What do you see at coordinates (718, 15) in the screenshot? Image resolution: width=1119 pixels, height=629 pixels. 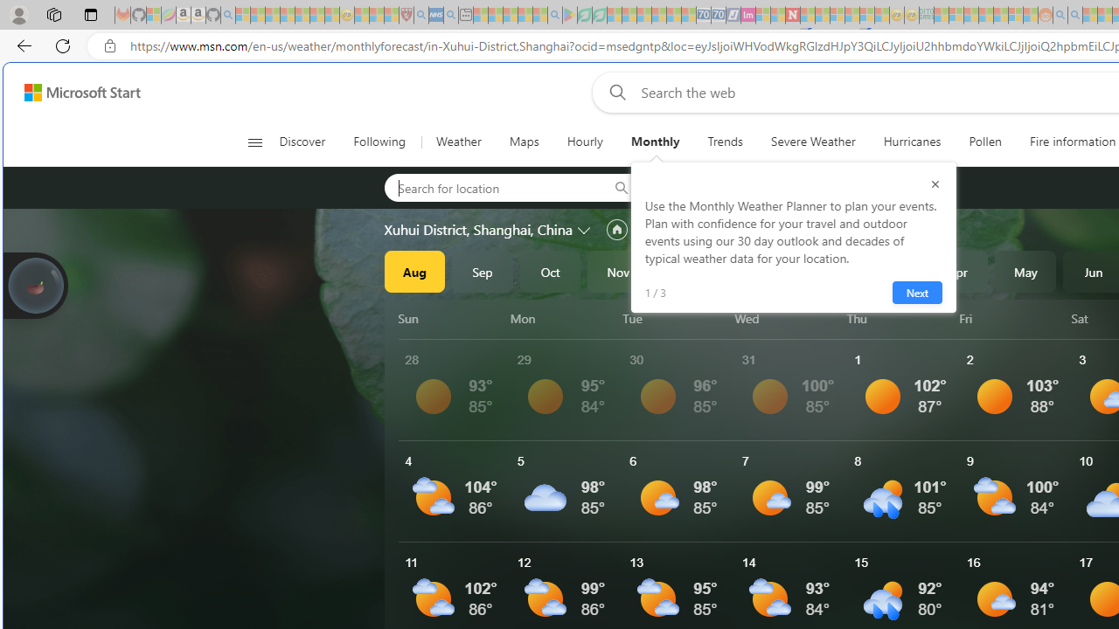 I see `'Cheap Hotels - Save70.com - Sleeping'` at bounding box center [718, 15].